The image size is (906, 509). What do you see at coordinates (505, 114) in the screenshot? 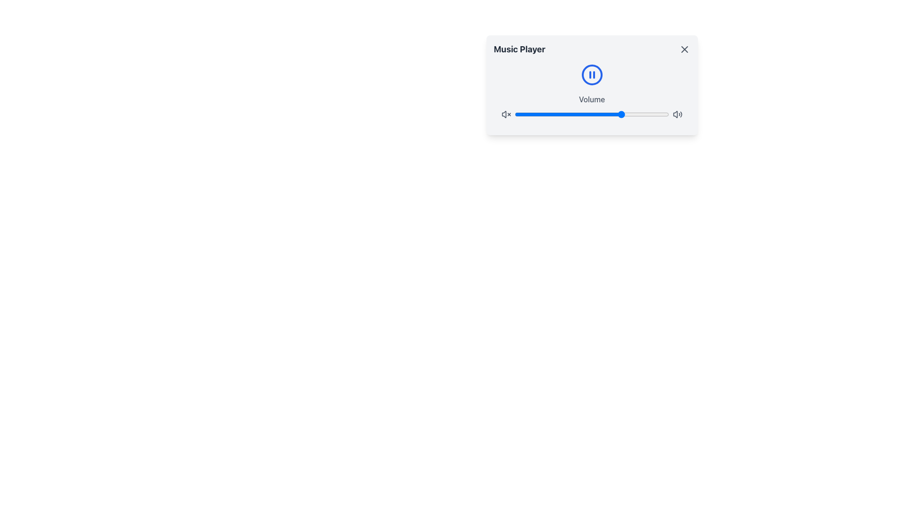
I see `the mute icon` at bounding box center [505, 114].